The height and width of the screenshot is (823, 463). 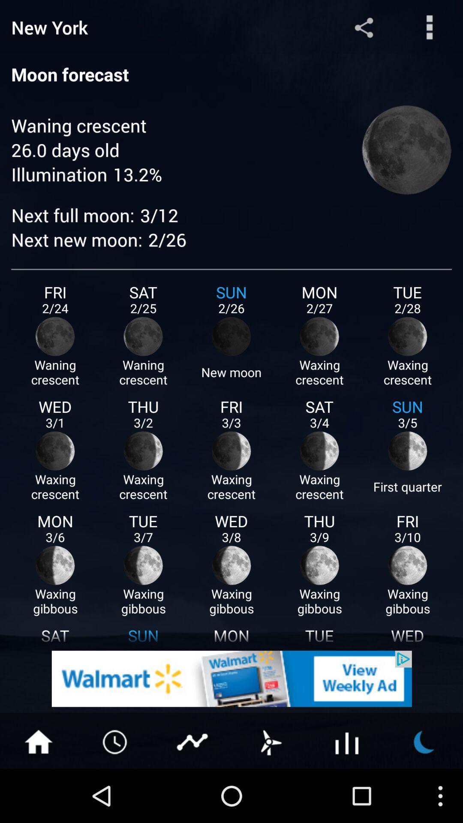 What do you see at coordinates (430, 29) in the screenshot?
I see `the more icon` at bounding box center [430, 29].